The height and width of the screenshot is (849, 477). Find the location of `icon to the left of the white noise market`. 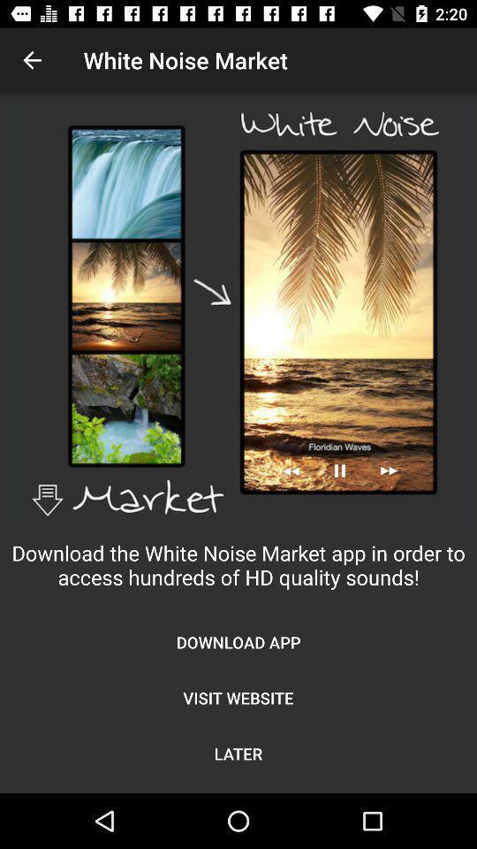

icon to the left of the white noise market is located at coordinates (32, 60).